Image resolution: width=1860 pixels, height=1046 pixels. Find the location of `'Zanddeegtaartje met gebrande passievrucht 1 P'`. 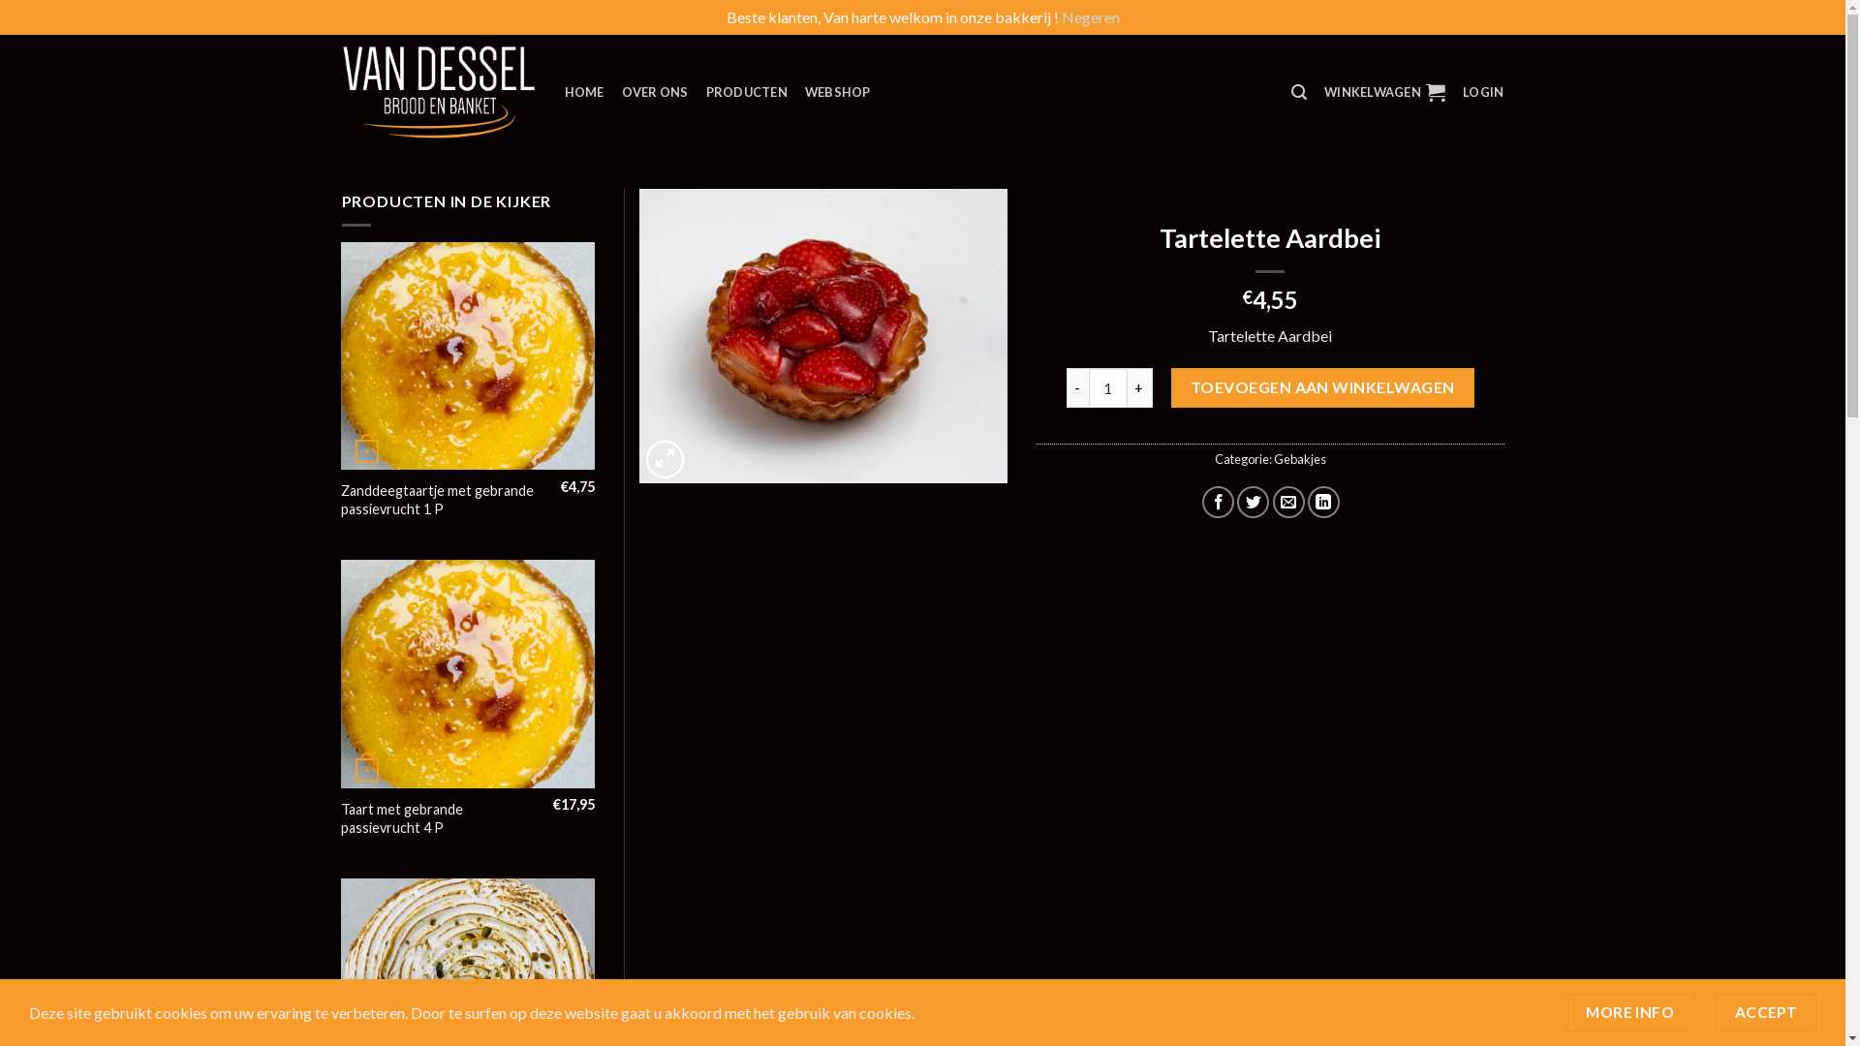

'Zanddeegtaartje met gebrande passievrucht 1 P' is located at coordinates (442, 499).